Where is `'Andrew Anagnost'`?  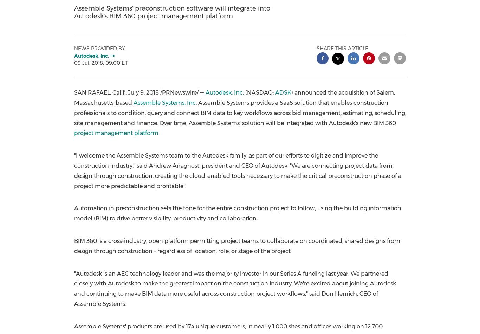 'Andrew Anagnost' is located at coordinates (174, 165).